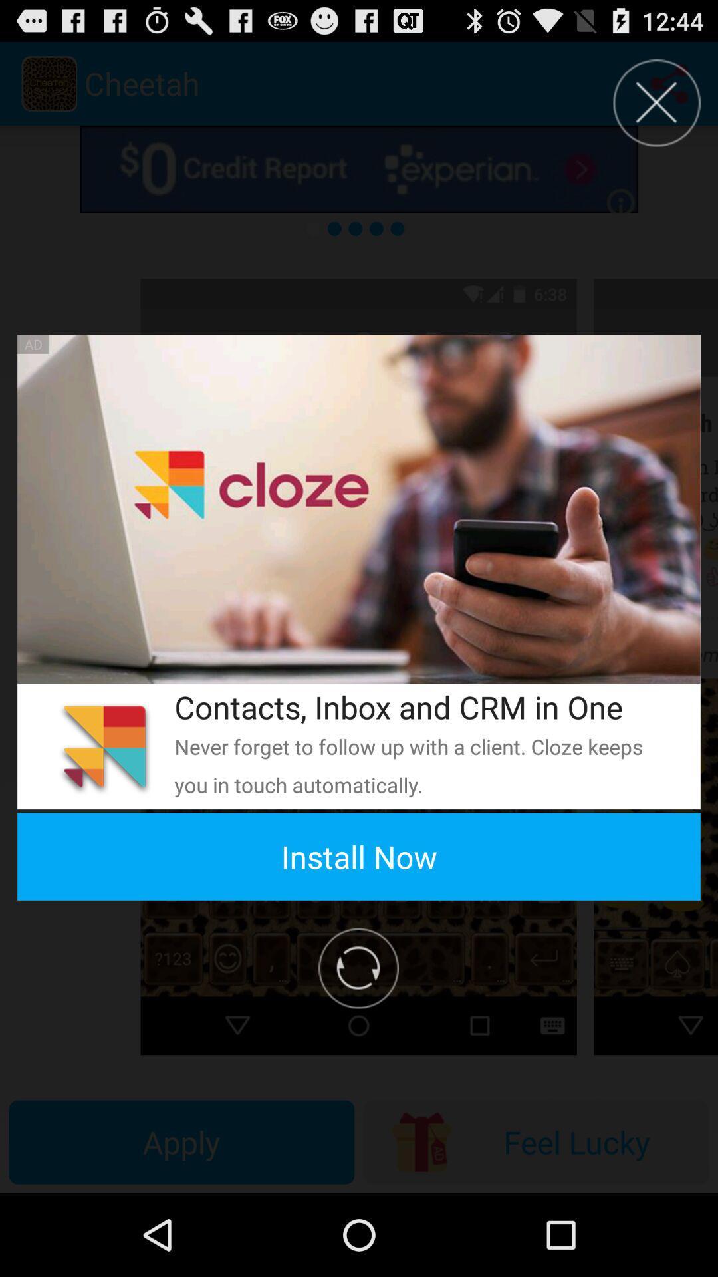 This screenshot has width=718, height=1277. Describe the element at coordinates (419, 766) in the screenshot. I see `item below the contacts inbox and app` at that location.